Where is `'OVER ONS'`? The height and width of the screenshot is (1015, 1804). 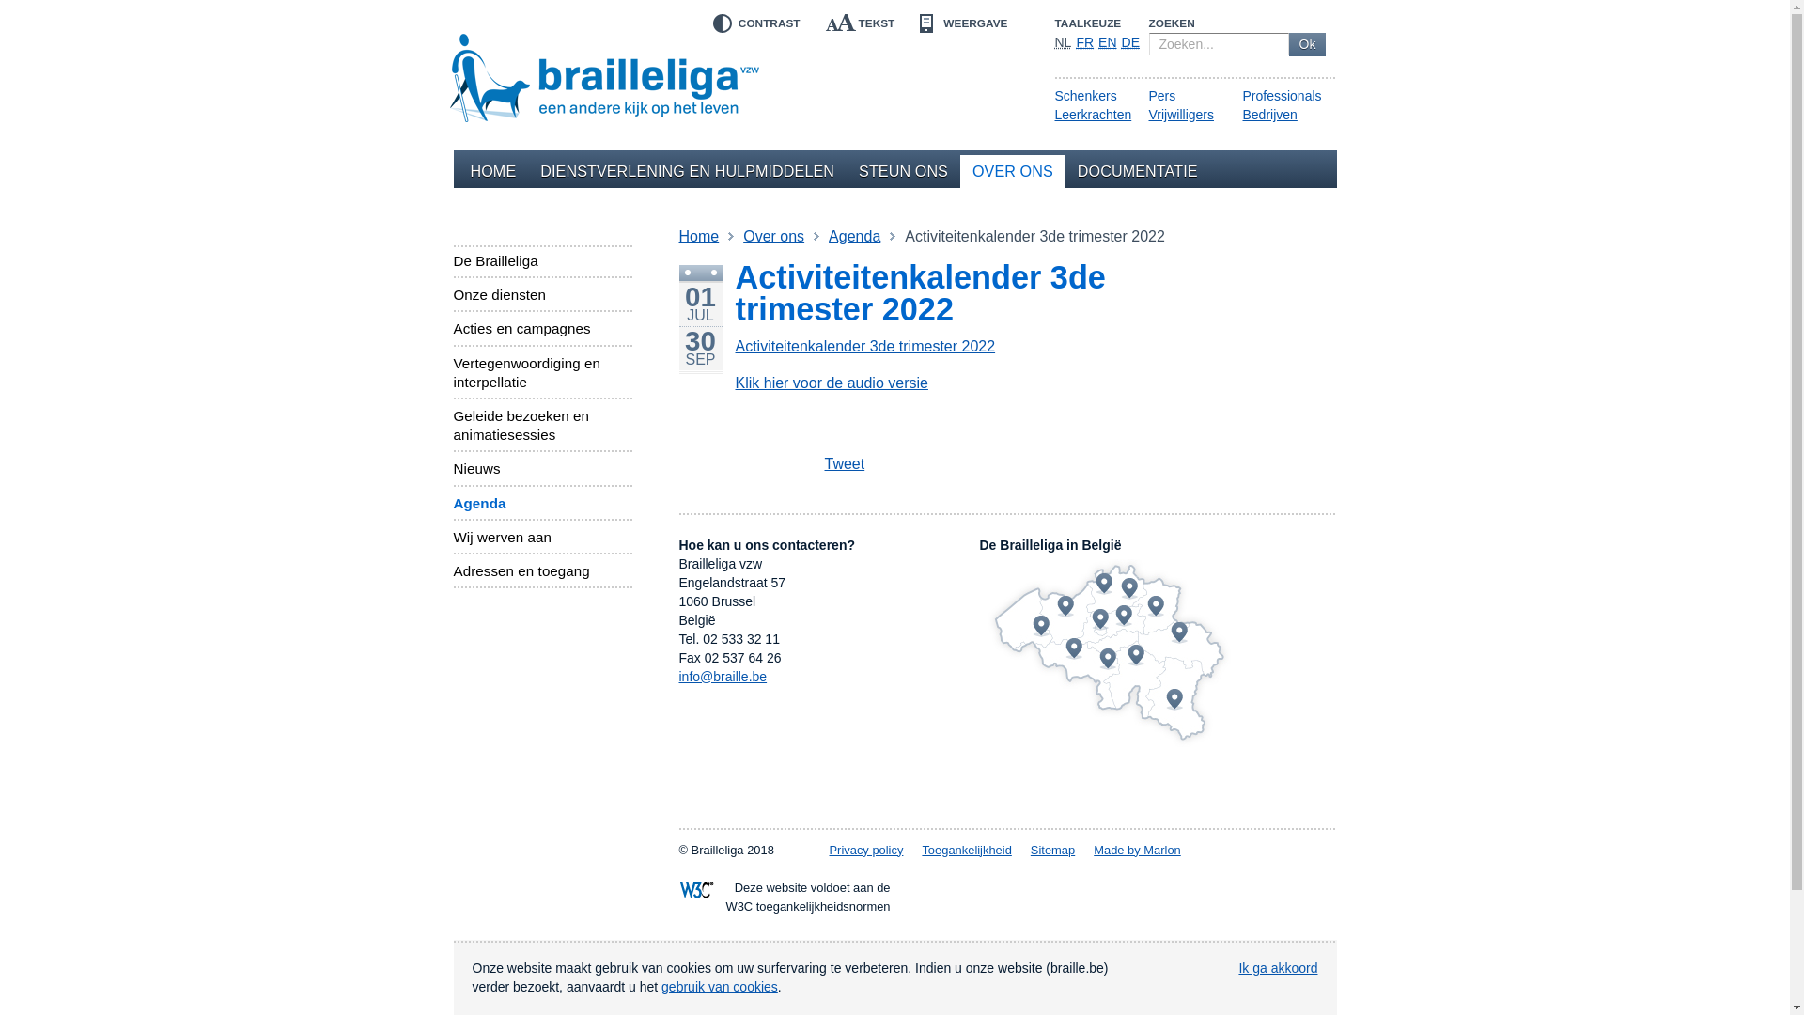 'OVER ONS' is located at coordinates (1012, 171).